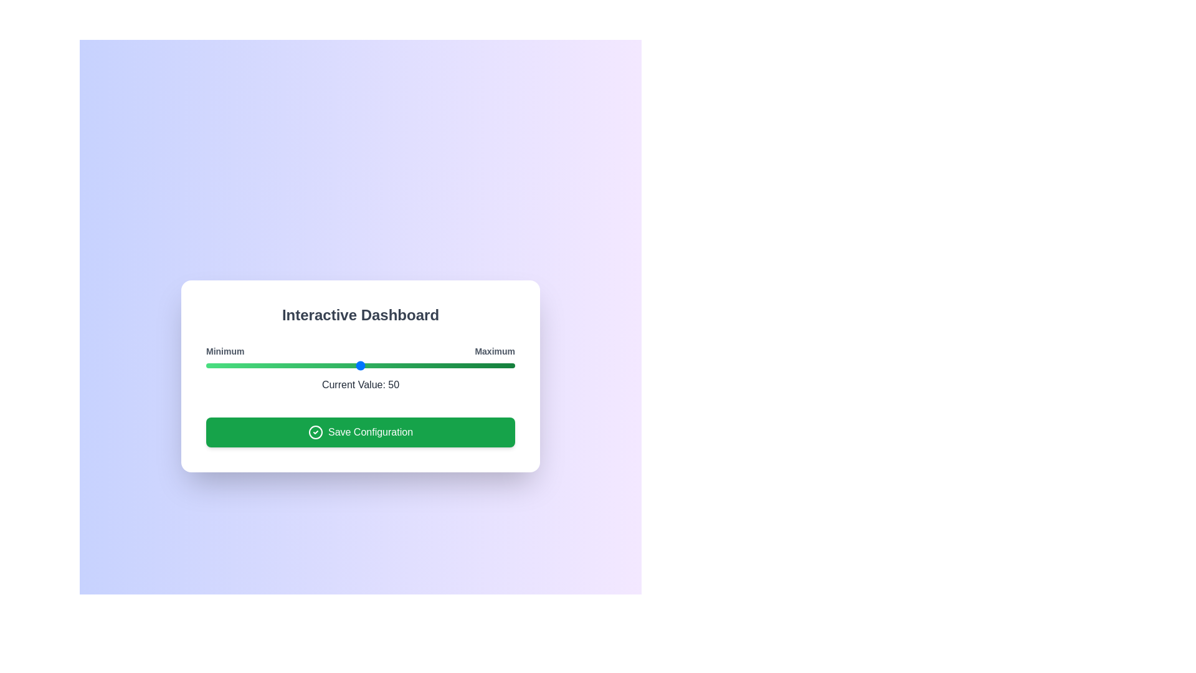 The width and height of the screenshot is (1196, 673). Describe the element at coordinates (360, 432) in the screenshot. I see `the 'Save Configuration' button to trigger its hover effect` at that location.